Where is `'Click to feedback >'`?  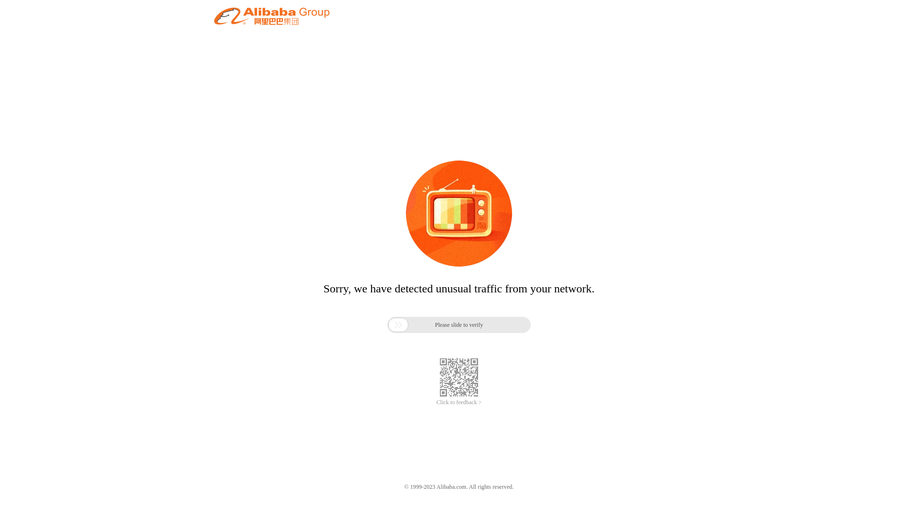 'Click to feedback >' is located at coordinates (459, 402).